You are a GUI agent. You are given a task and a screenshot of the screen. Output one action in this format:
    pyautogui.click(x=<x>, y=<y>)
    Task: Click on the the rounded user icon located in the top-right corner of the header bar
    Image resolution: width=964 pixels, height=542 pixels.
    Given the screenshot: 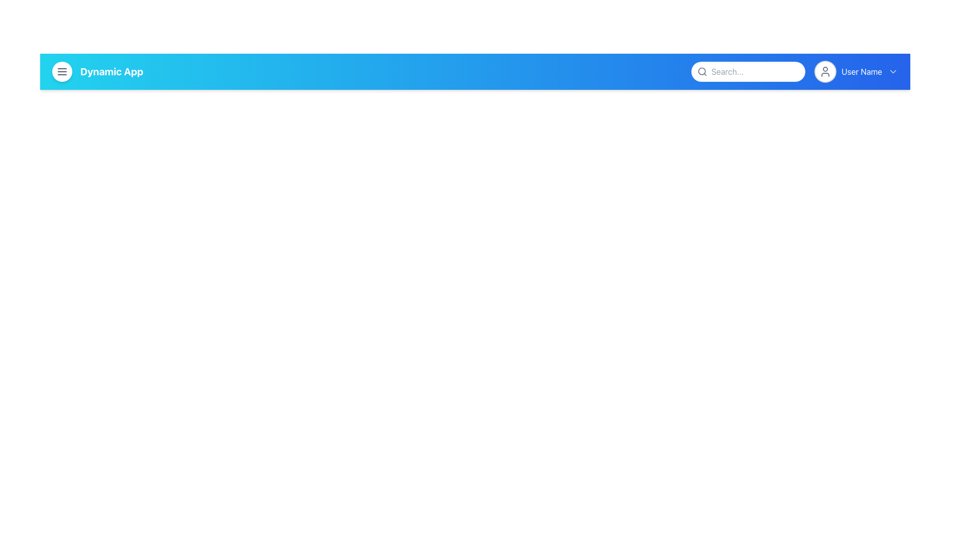 What is the action you would take?
    pyautogui.click(x=825, y=71)
    